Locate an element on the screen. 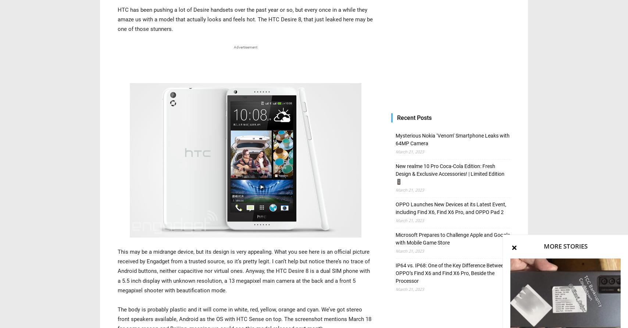 This screenshot has height=328, width=628. 'IP64 vs. IP68: One of the Key Difference Between OPPO’s Find X6 and Find X6 Pro, Beside the Processor' is located at coordinates (451, 273).